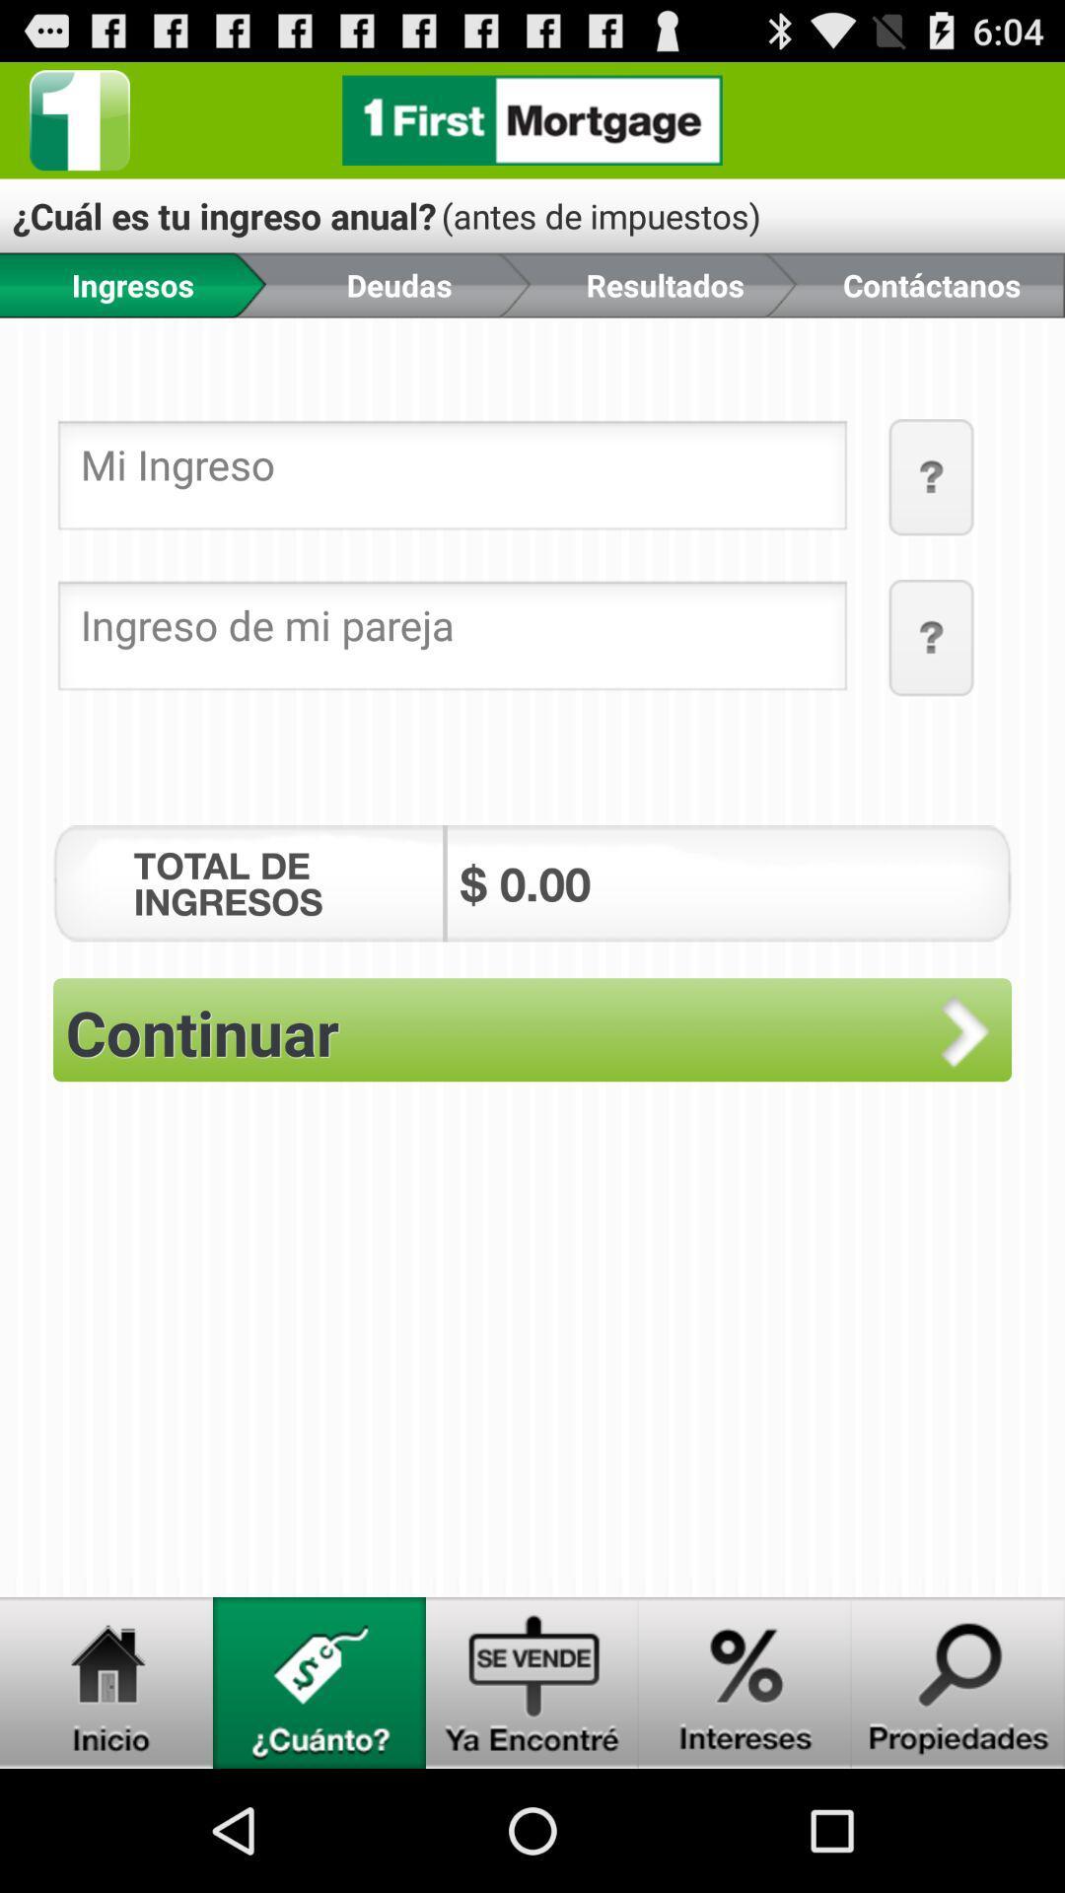  Describe the element at coordinates (958, 1800) in the screenshot. I see `the search icon` at that location.